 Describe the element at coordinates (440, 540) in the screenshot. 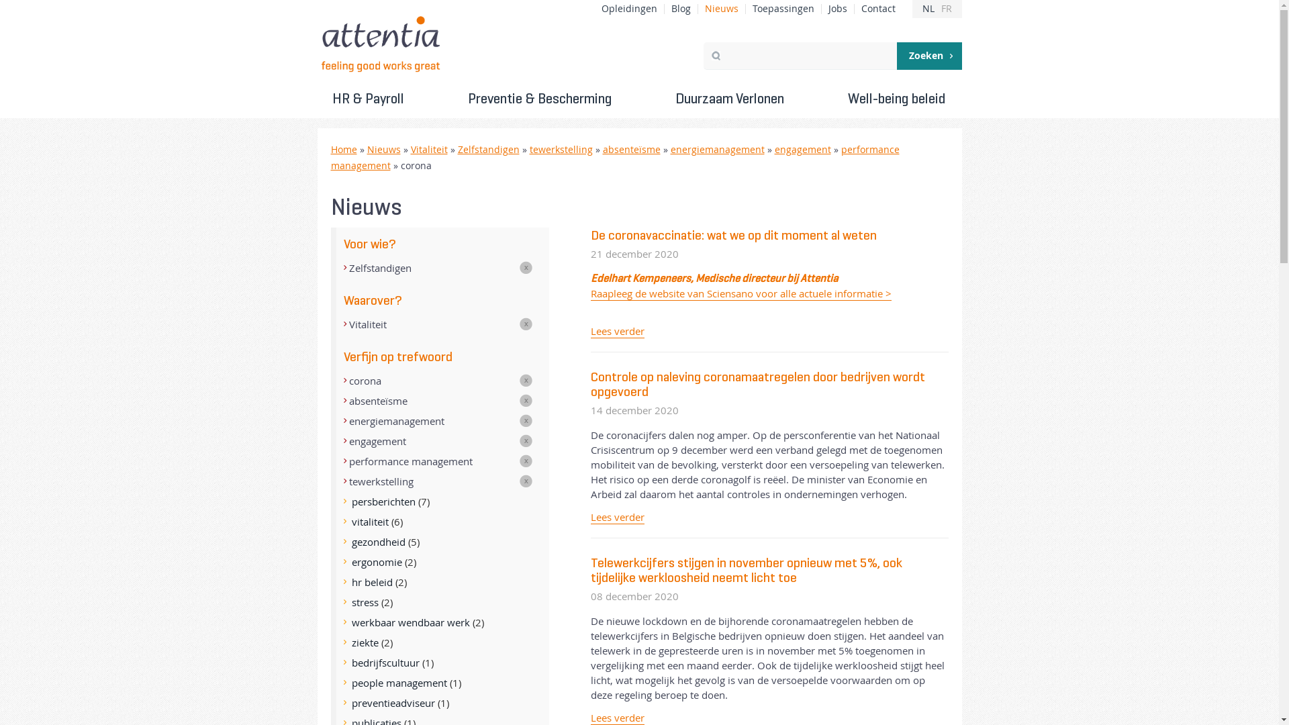

I see `'gezondheid (5)` at that location.